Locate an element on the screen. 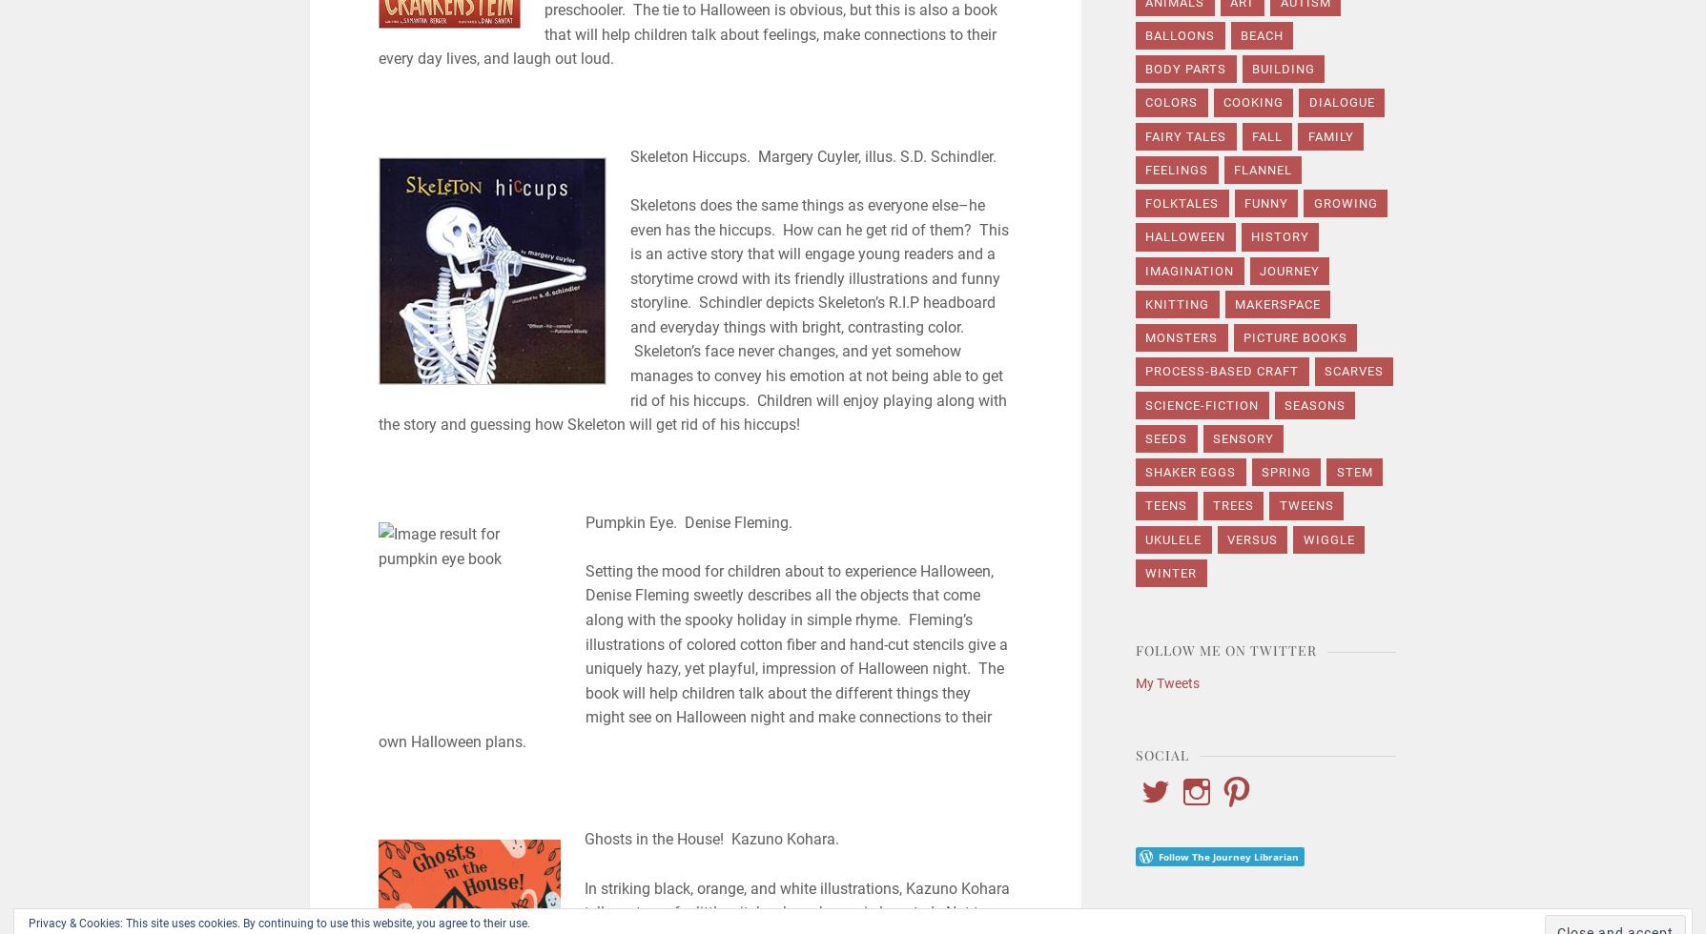 This screenshot has width=1706, height=934. 'wiggle' is located at coordinates (1327, 538).